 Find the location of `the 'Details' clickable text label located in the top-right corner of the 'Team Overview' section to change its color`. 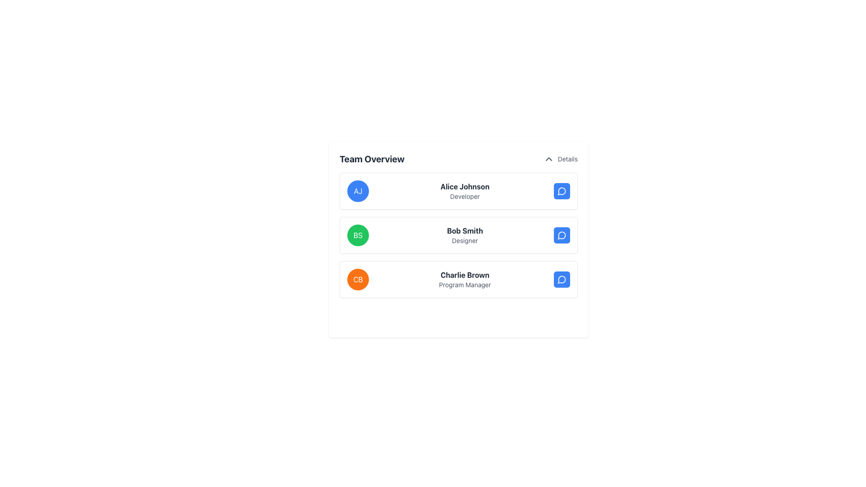

the 'Details' clickable text label located in the top-right corner of the 'Team Overview' section to change its color is located at coordinates (560, 159).